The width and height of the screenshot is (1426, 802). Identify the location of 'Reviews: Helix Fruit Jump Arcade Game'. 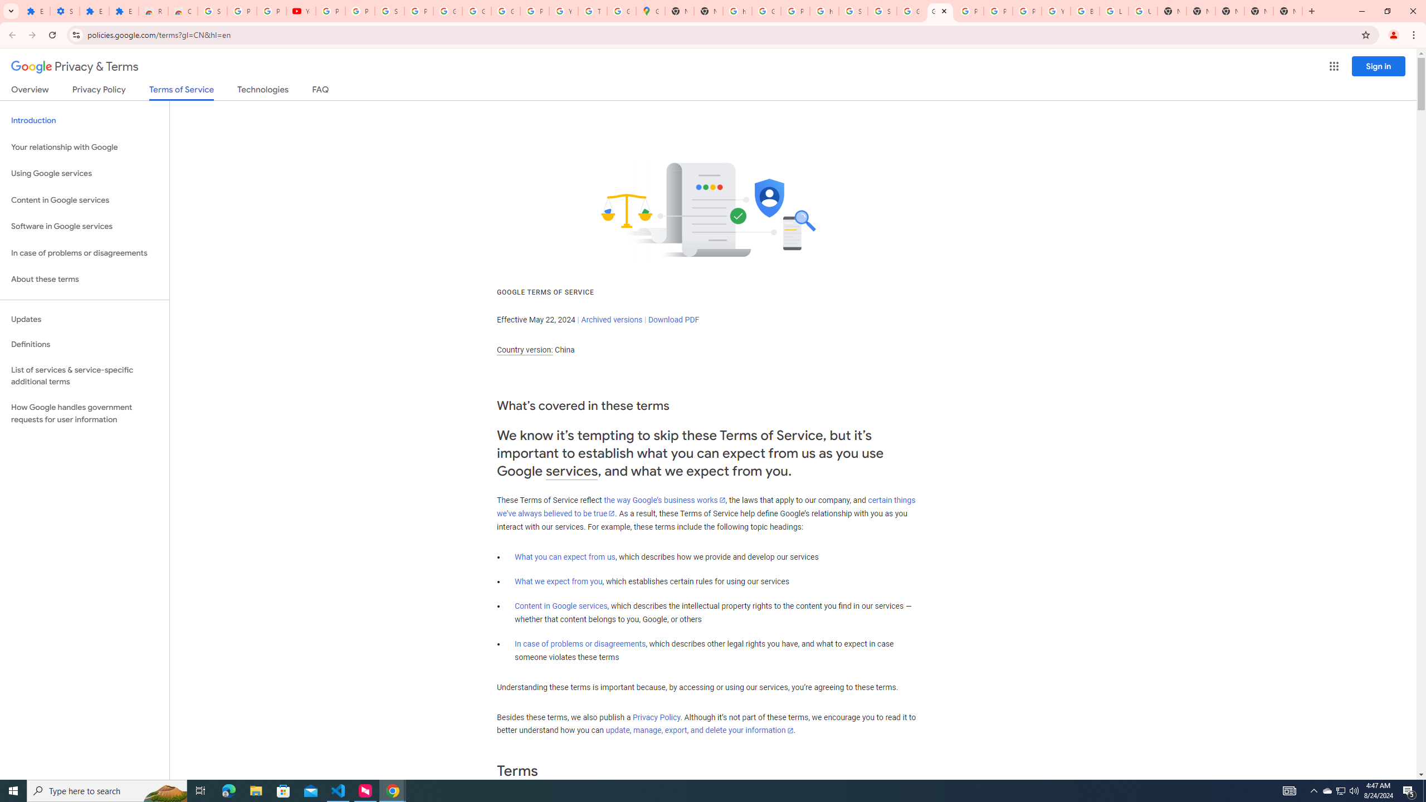
(153, 11).